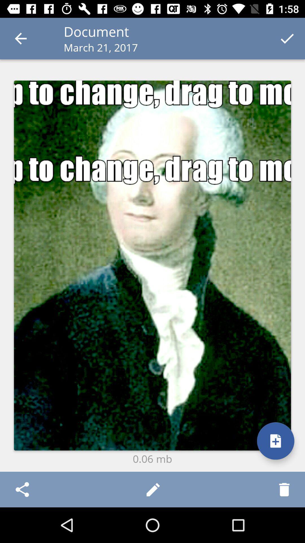 This screenshot has height=543, width=305. I want to click on the icon at the center, so click(152, 265).